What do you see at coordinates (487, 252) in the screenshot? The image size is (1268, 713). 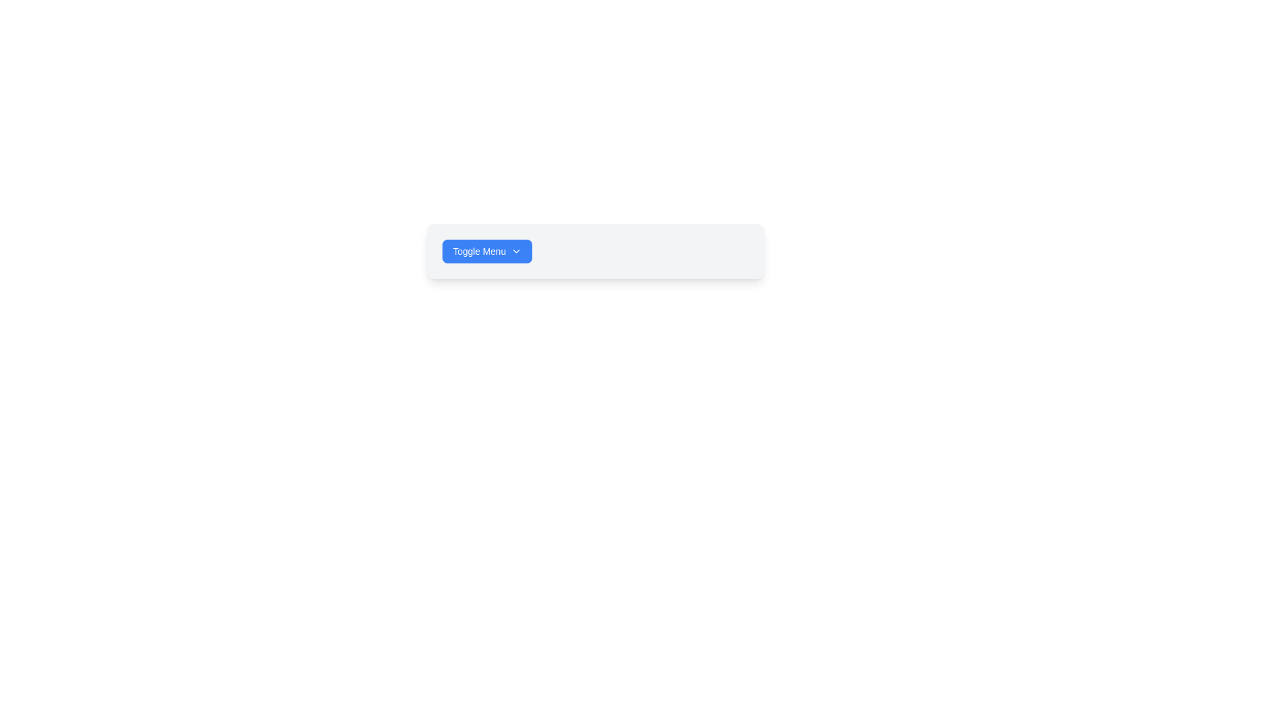 I see `the blue rounded rectangular button labeled 'Toggle Menu'` at bounding box center [487, 252].